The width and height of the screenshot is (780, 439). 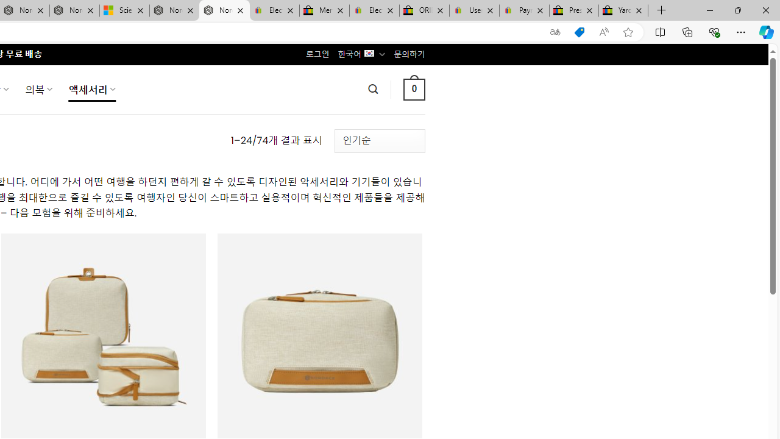 I want to click on 'User Privacy Notice | eBay', so click(x=473, y=10).